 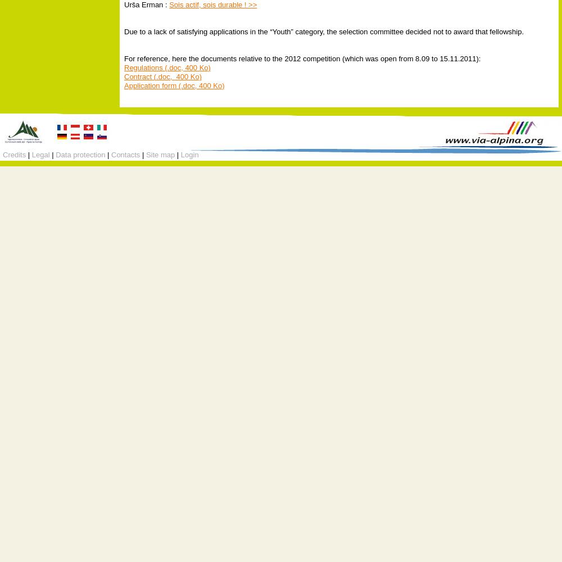 I want to click on 'Login', so click(x=189, y=154).